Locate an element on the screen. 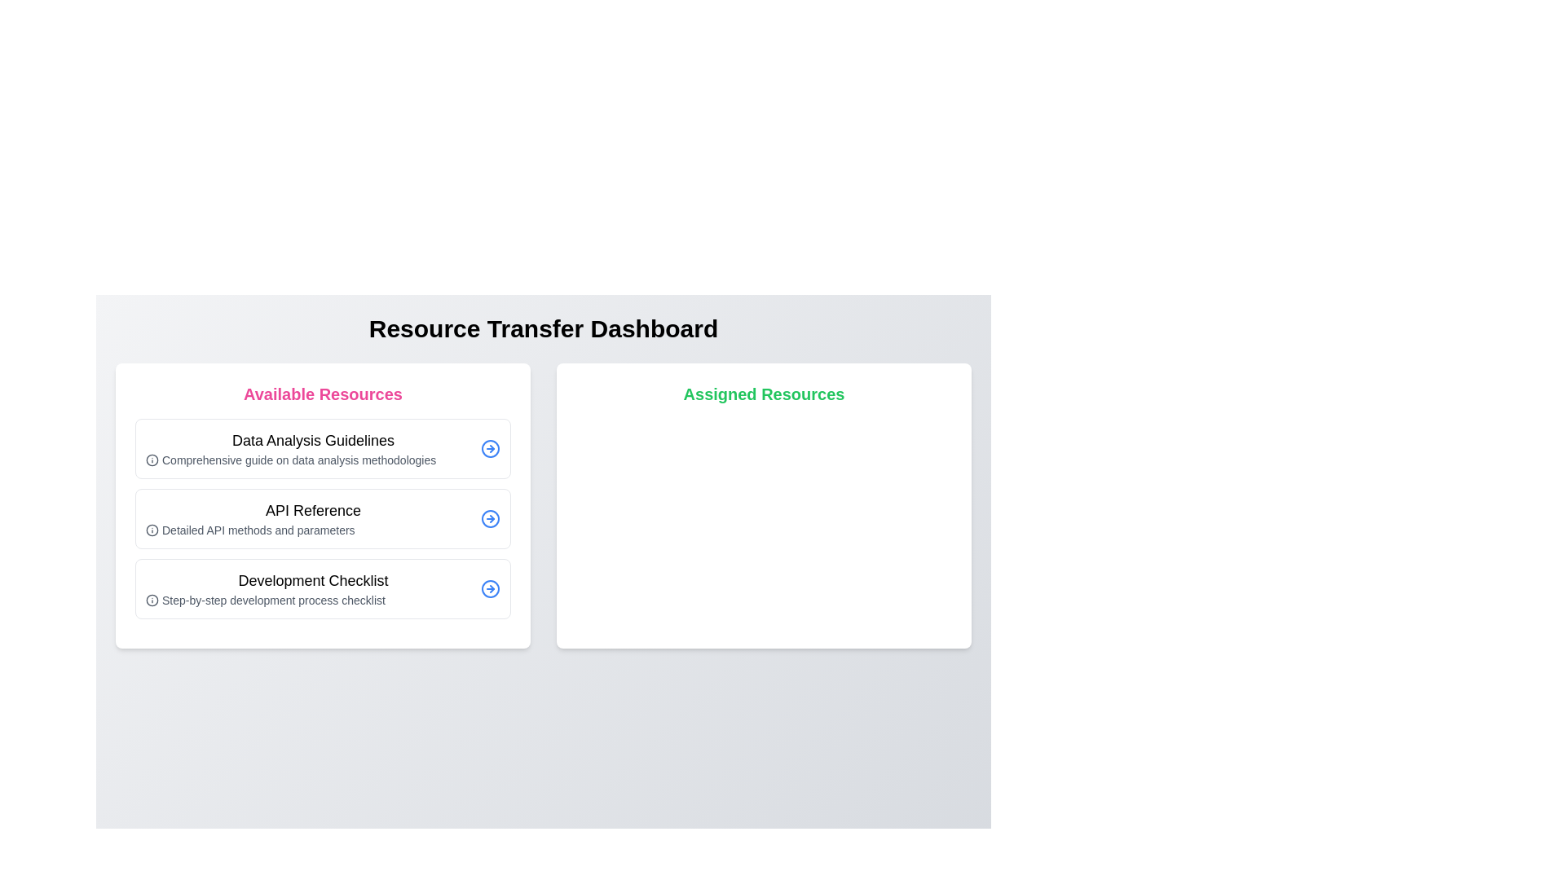 The image size is (1565, 880). the blue arrow icon in the 'Development Checklist' section is located at coordinates (489, 588).